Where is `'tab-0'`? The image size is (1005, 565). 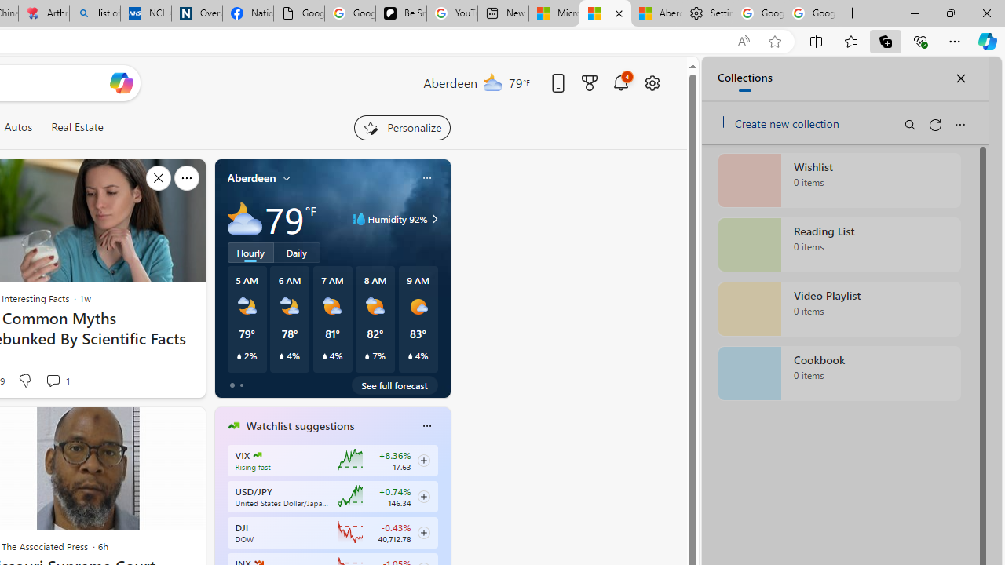
'tab-0' is located at coordinates (231, 385).